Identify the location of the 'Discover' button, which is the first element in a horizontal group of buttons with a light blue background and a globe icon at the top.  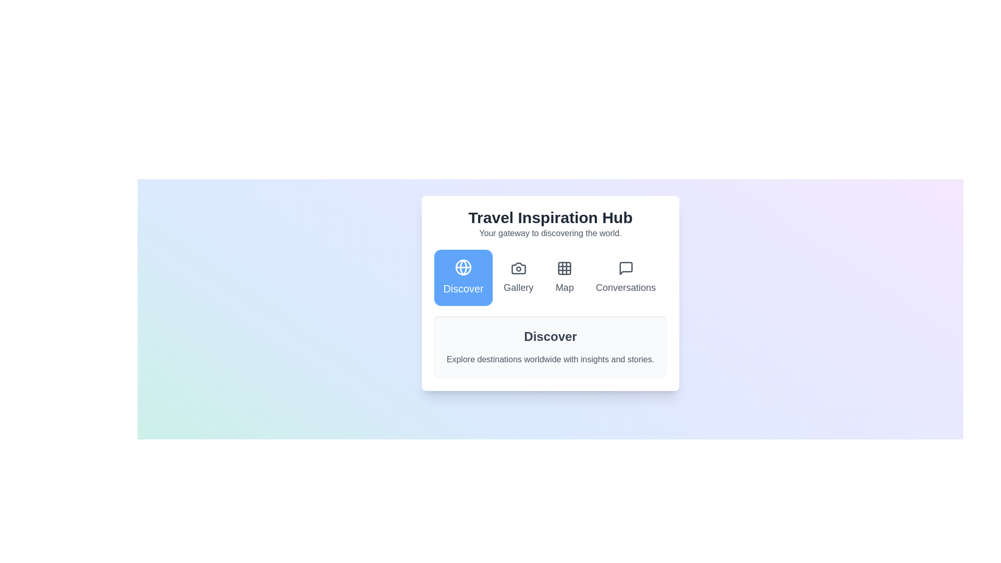
(462, 277).